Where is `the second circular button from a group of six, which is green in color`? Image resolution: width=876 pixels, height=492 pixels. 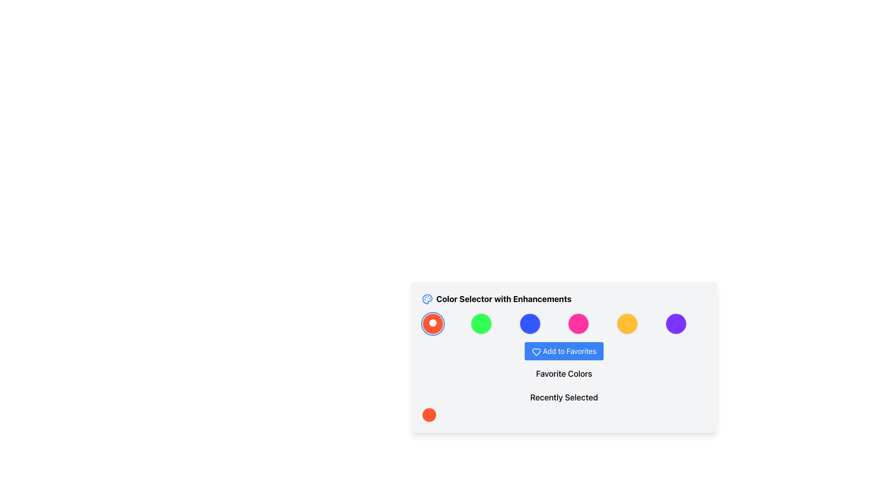 the second circular button from a group of six, which is green in color is located at coordinates (481, 323).